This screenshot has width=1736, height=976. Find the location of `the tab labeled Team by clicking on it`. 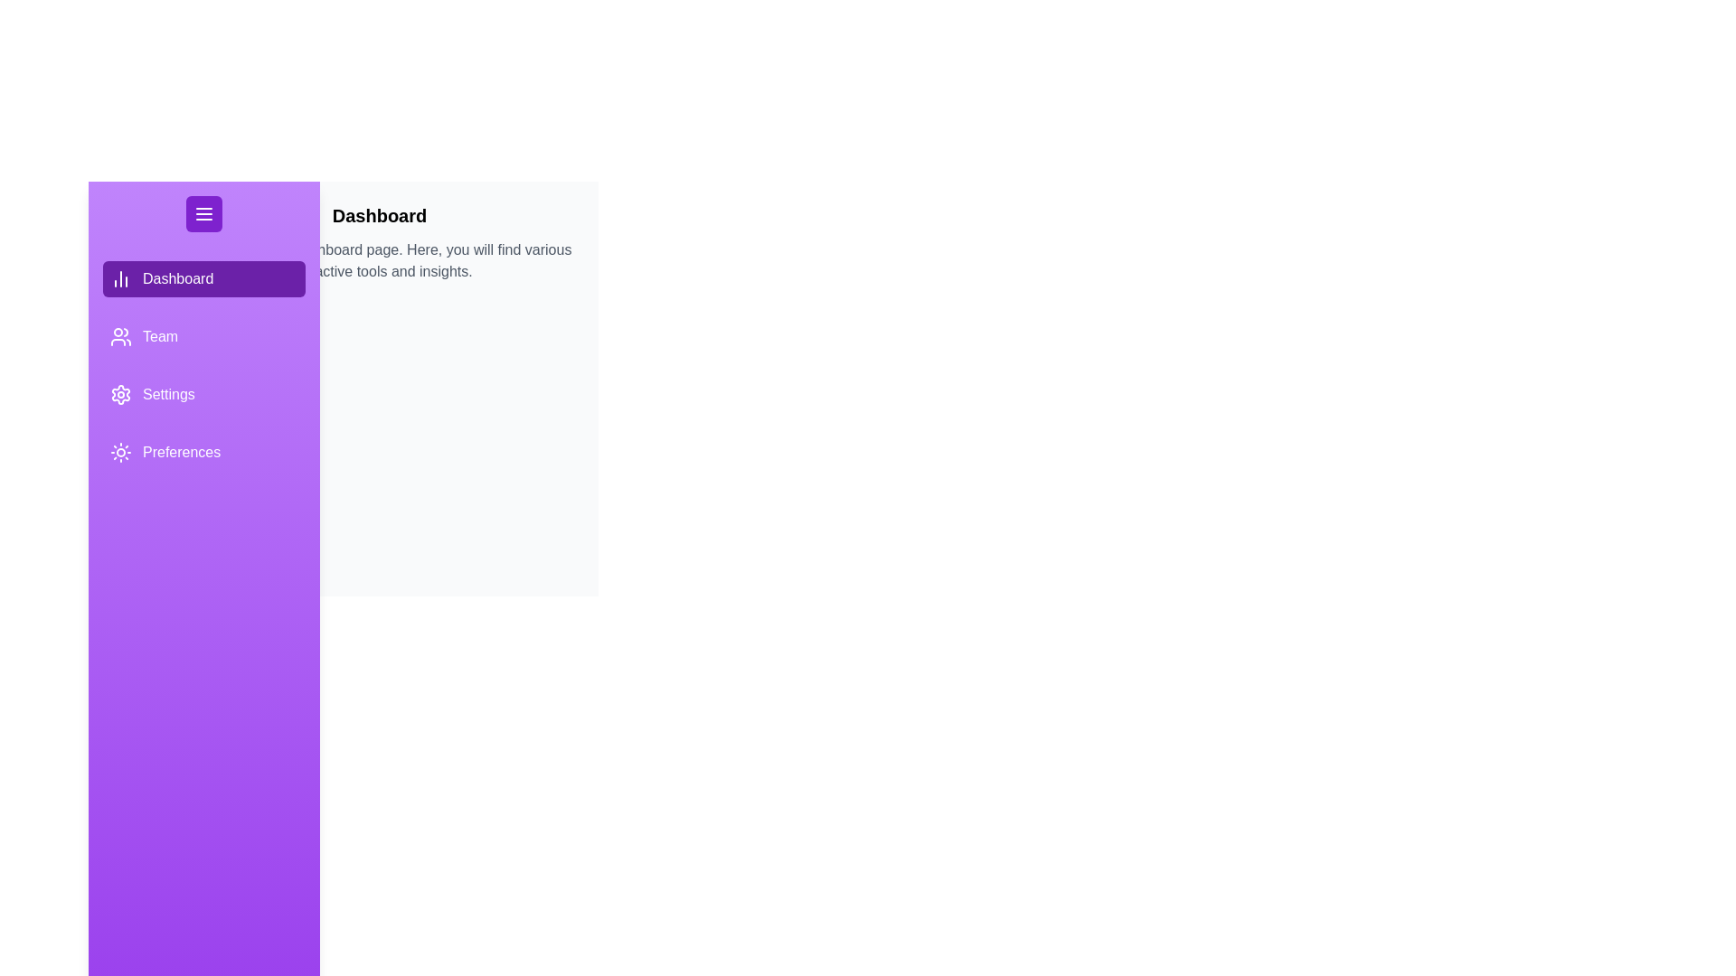

the tab labeled Team by clicking on it is located at coordinates (203, 337).